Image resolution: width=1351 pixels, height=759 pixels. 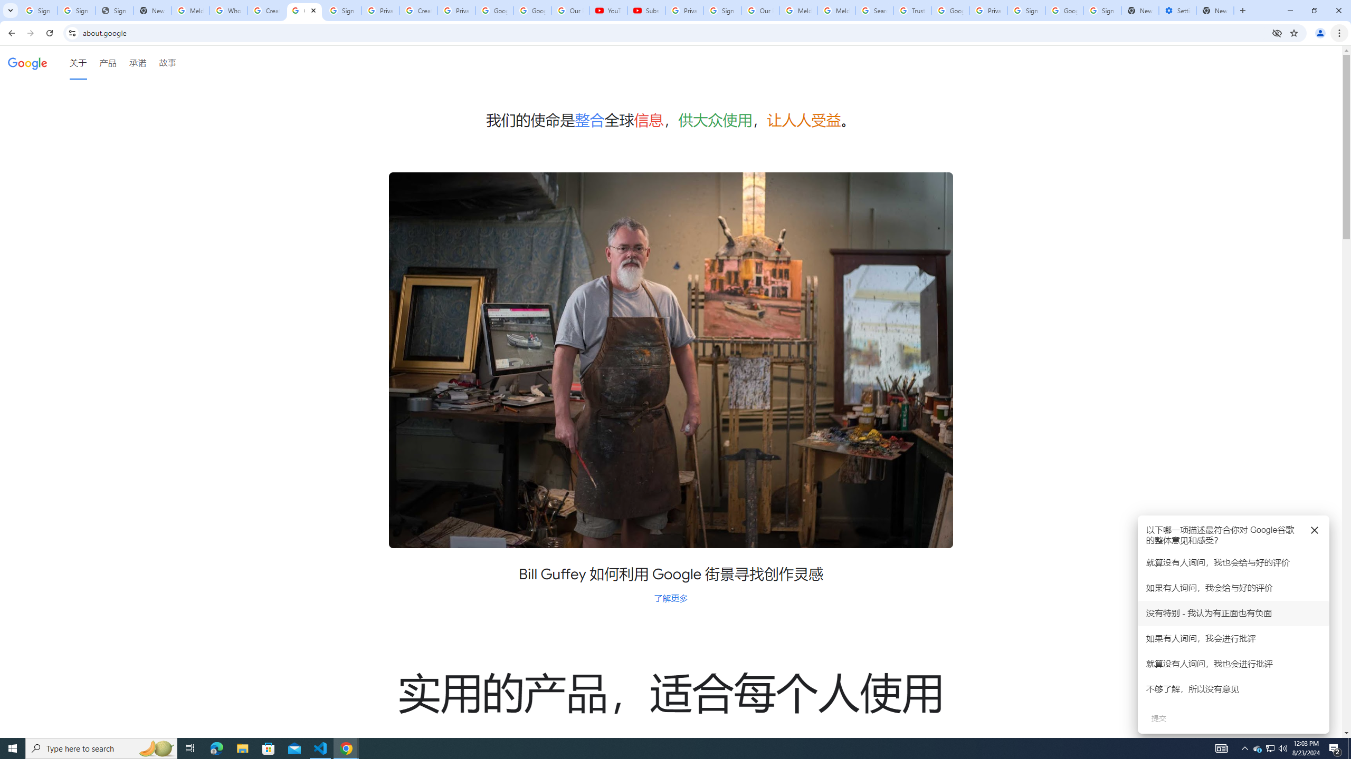 I want to click on 'Reload', so click(x=49, y=33).